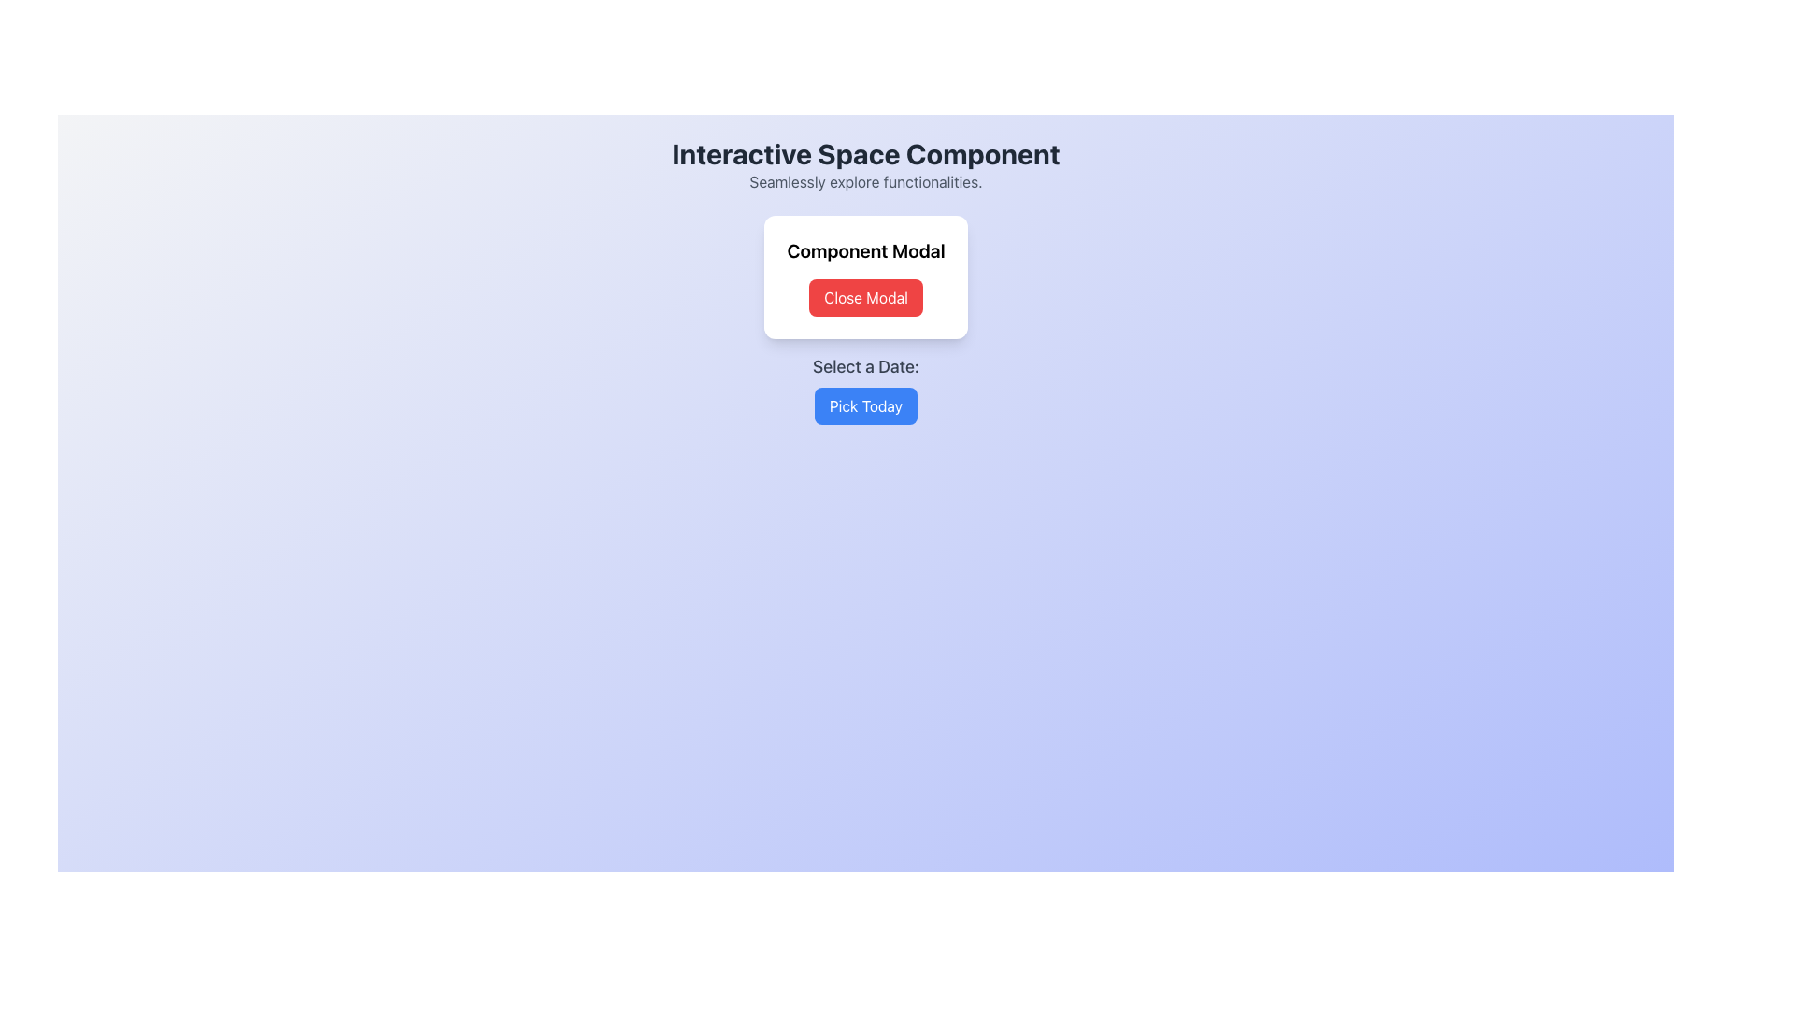 Image resolution: width=1794 pixels, height=1009 pixels. Describe the element at coordinates (864, 367) in the screenshot. I see `the text label displaying 'Select a Date:' which is positioned below the 'Component Modal' and above the 'Pick Today' button` at that location.